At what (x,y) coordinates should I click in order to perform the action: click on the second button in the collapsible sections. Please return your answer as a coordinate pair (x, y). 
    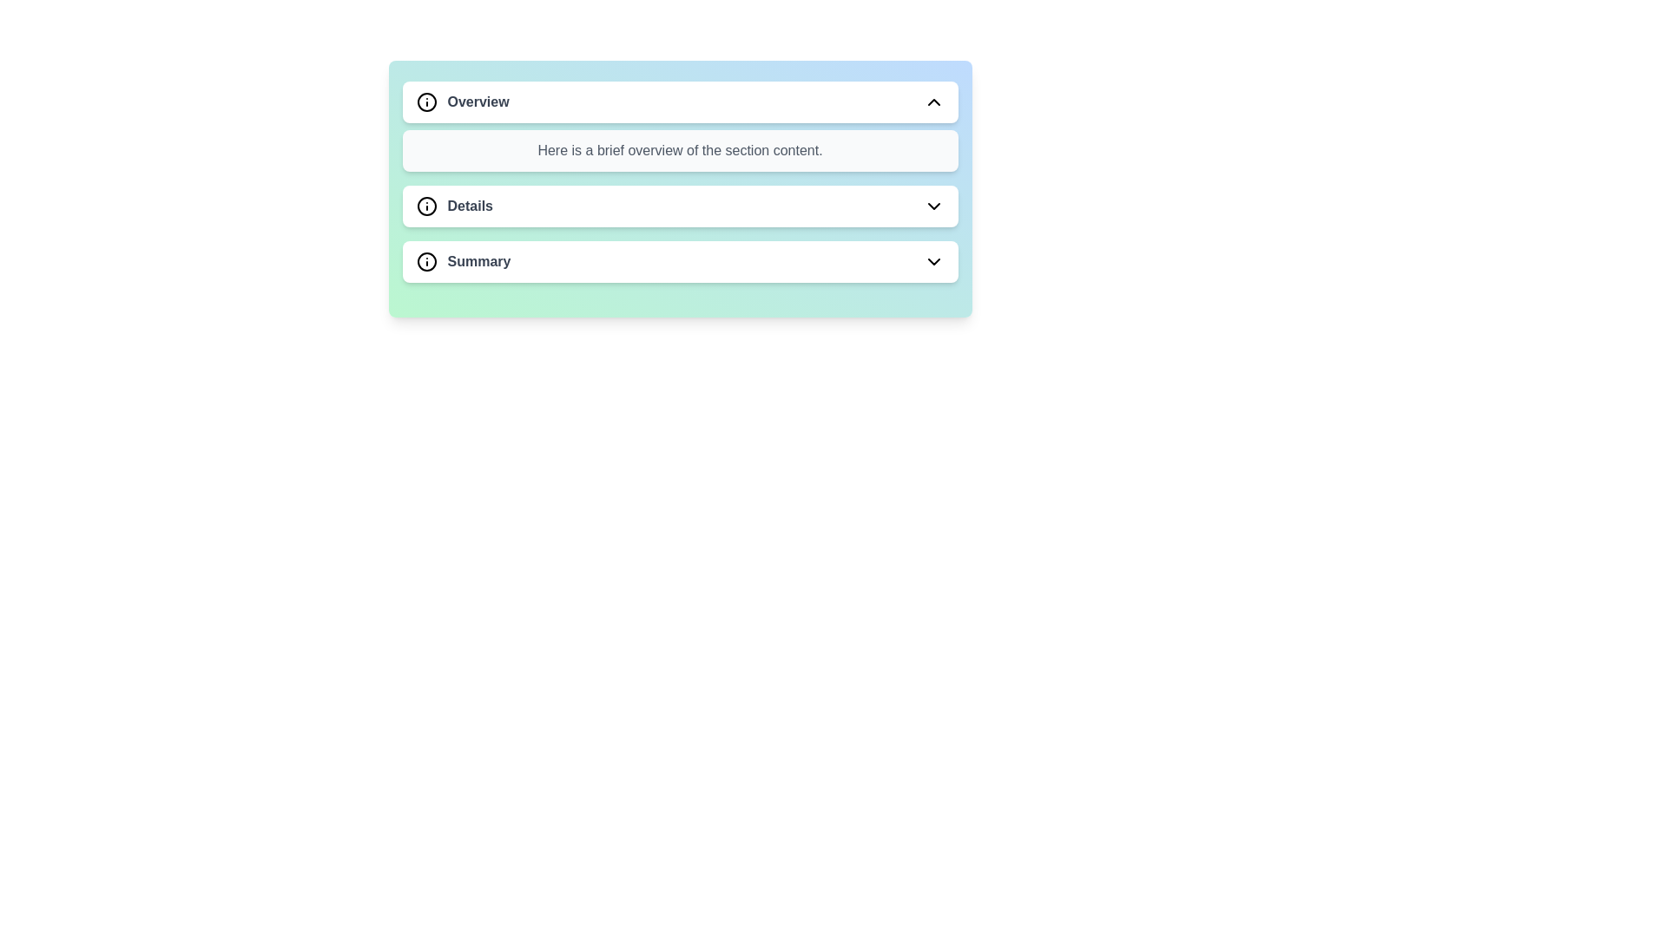
    Looking at the image, I should click on (679, 206).